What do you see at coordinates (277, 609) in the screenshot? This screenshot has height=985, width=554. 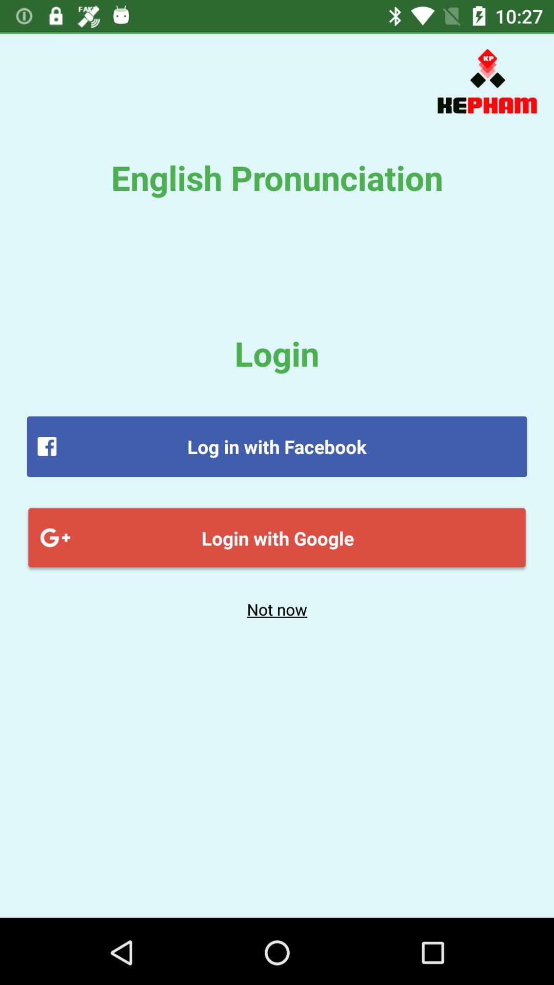 I see `the not now item` at bounding box center [277, 609].